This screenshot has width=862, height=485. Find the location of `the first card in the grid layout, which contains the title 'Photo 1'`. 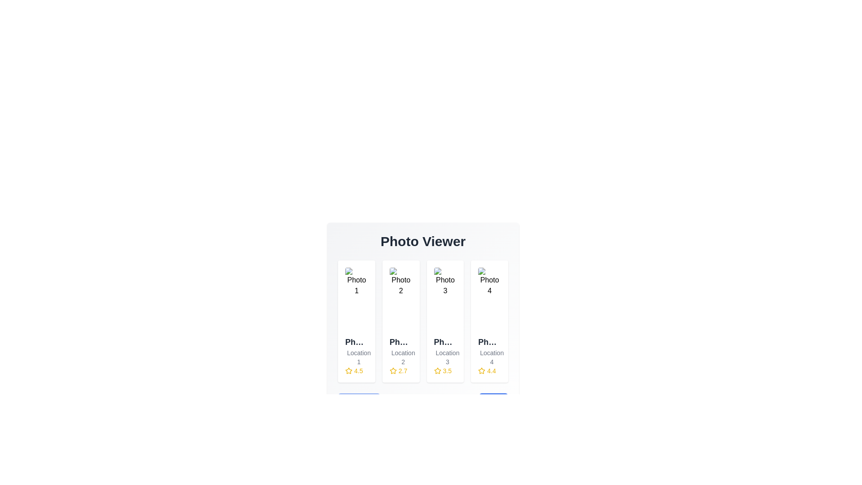

the first card in the grid layout, which contains the title 'Photo 1' is located at coordinates (356, 321).